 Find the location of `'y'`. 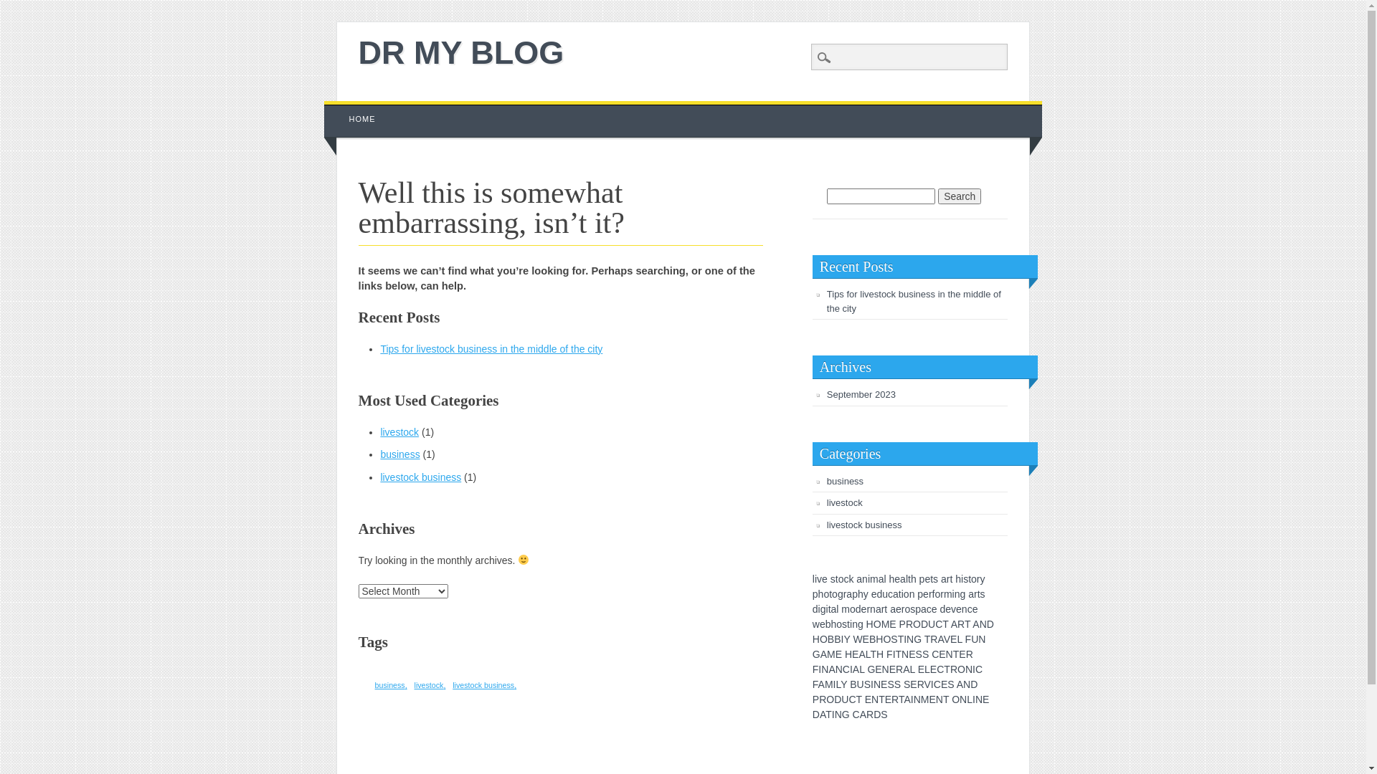

'y' is located at coordinates (865, 594).